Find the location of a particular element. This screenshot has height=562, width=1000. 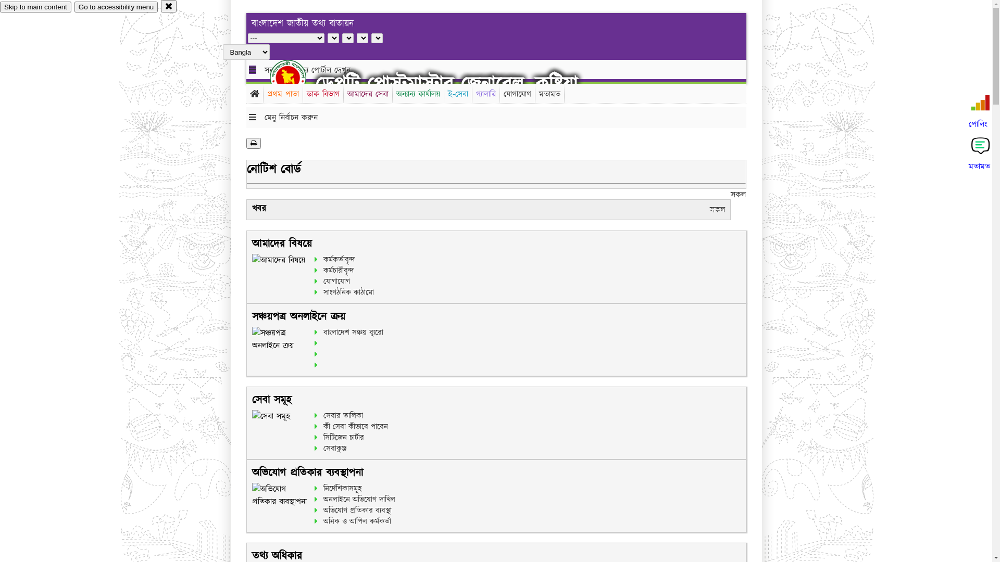

'Go to accessibility menu' is located at coordinates (116, 7).